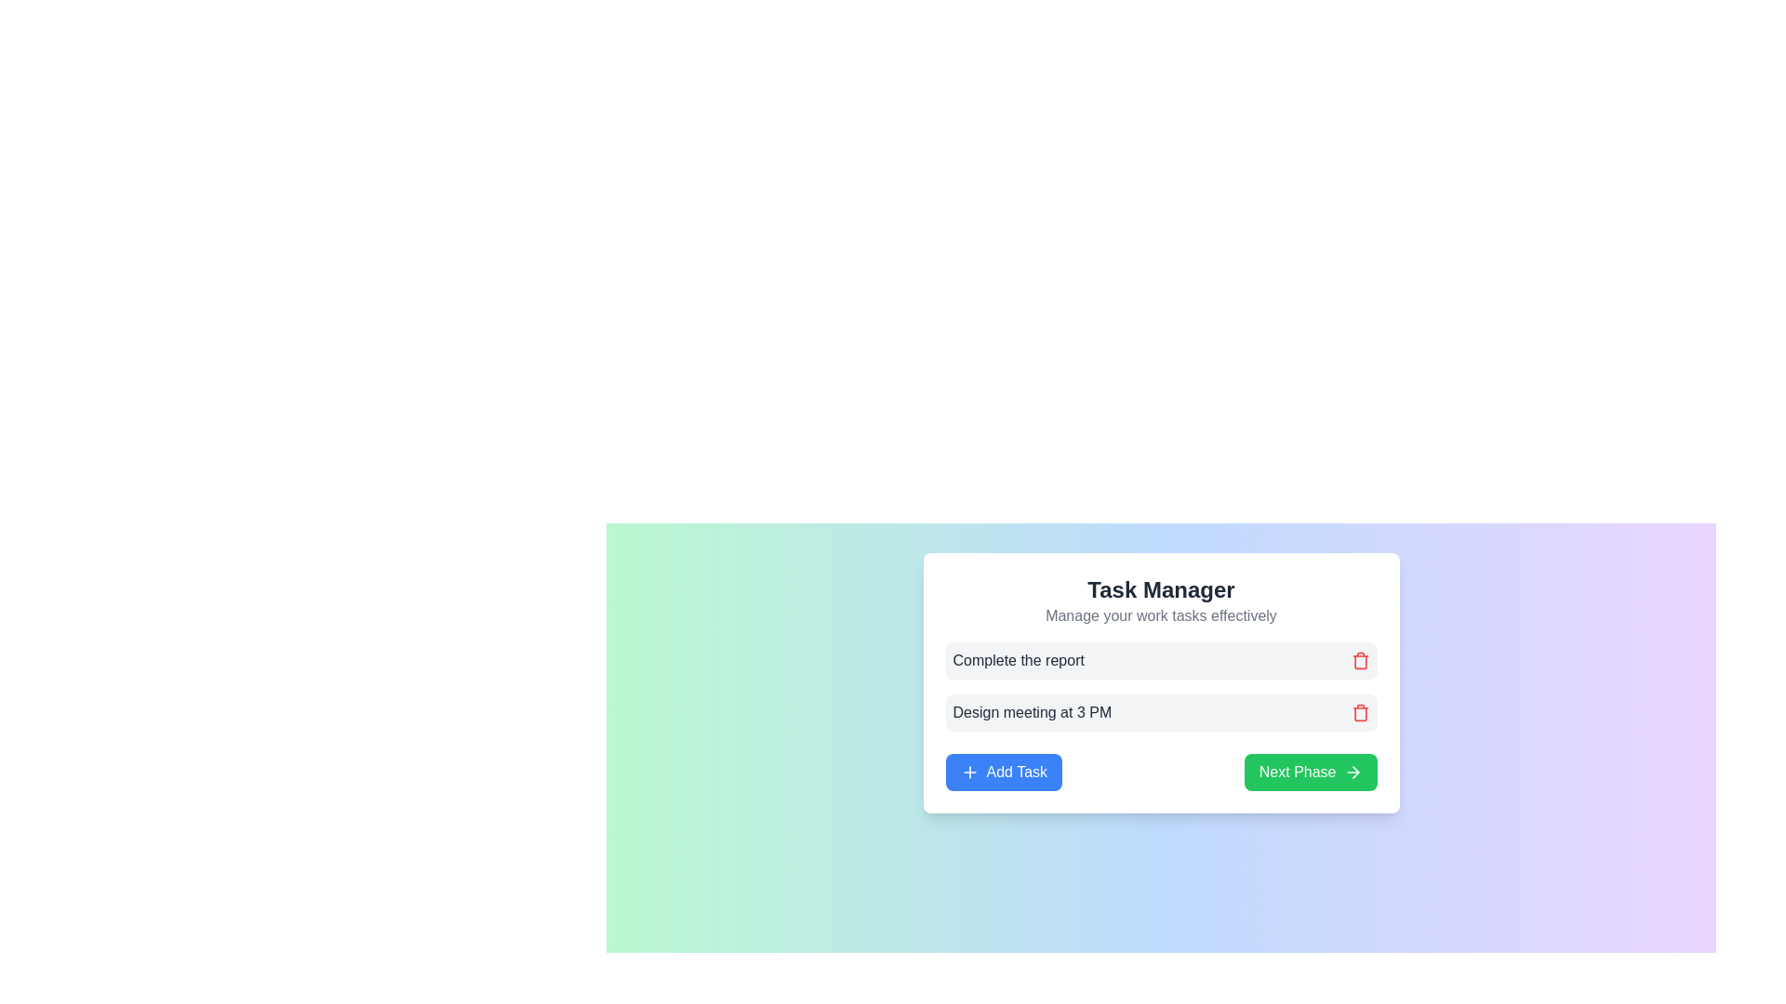 This screenshot has height=1004, width=1786. Describe the element at coordinates (1310, 772) in the screenshot. I see `the green 'Next Phase' button with rounded corners located in the bottom-right corner of the task management section` at that location.